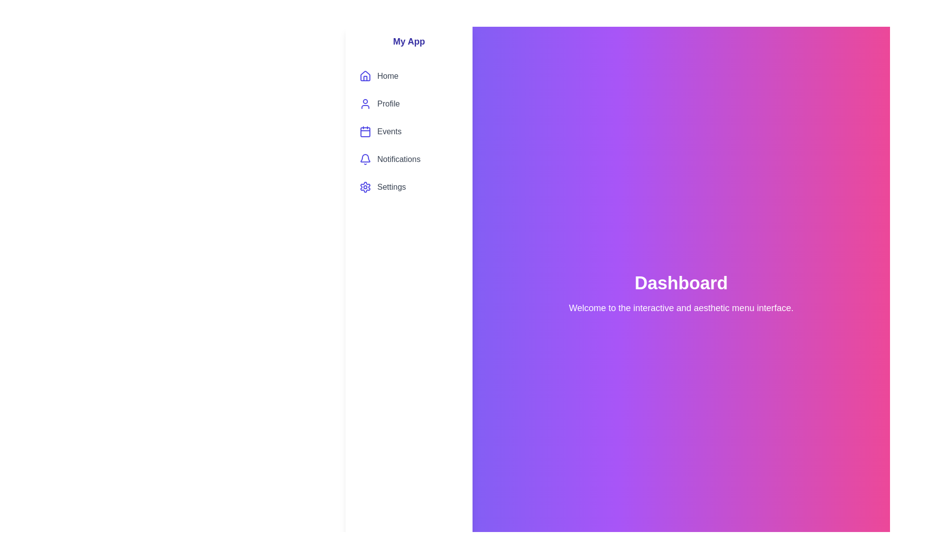 The height and width of the screenshot is (535, 952). Describe the element at coordinates (409, 104) in the screenshot. I see `the menu item labeled Profile to navigate to the corresponding section` at that location.